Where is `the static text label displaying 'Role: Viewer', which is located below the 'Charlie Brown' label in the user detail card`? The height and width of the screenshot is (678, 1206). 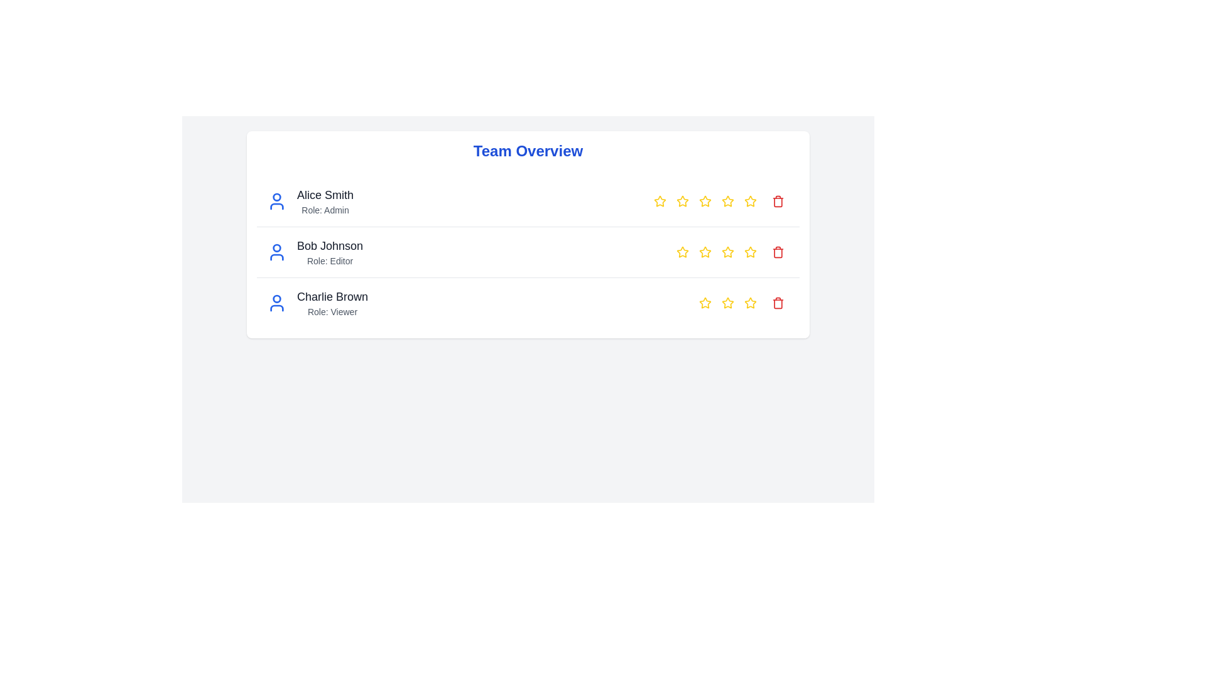 the static text label displaying 'Role: Viewer', which is located below the 'Charlie Brown' label in the user detail card is located at coordinates (332, 311).